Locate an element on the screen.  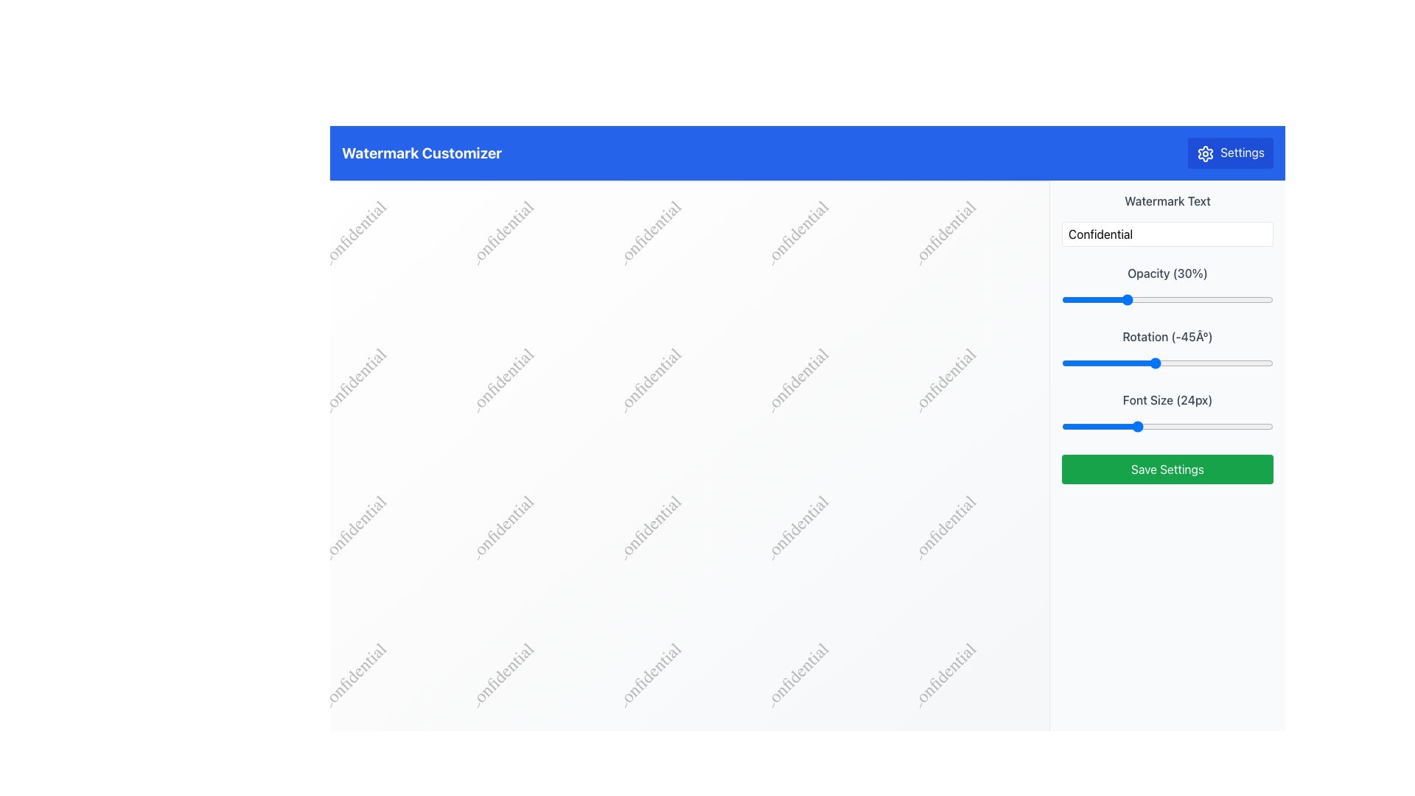
the range slider bar to set the rotation value, located beneath the label 'Rotation (-45°)' and above the 'Font Size (24px)' slider is located at coordinates (1167, 363).